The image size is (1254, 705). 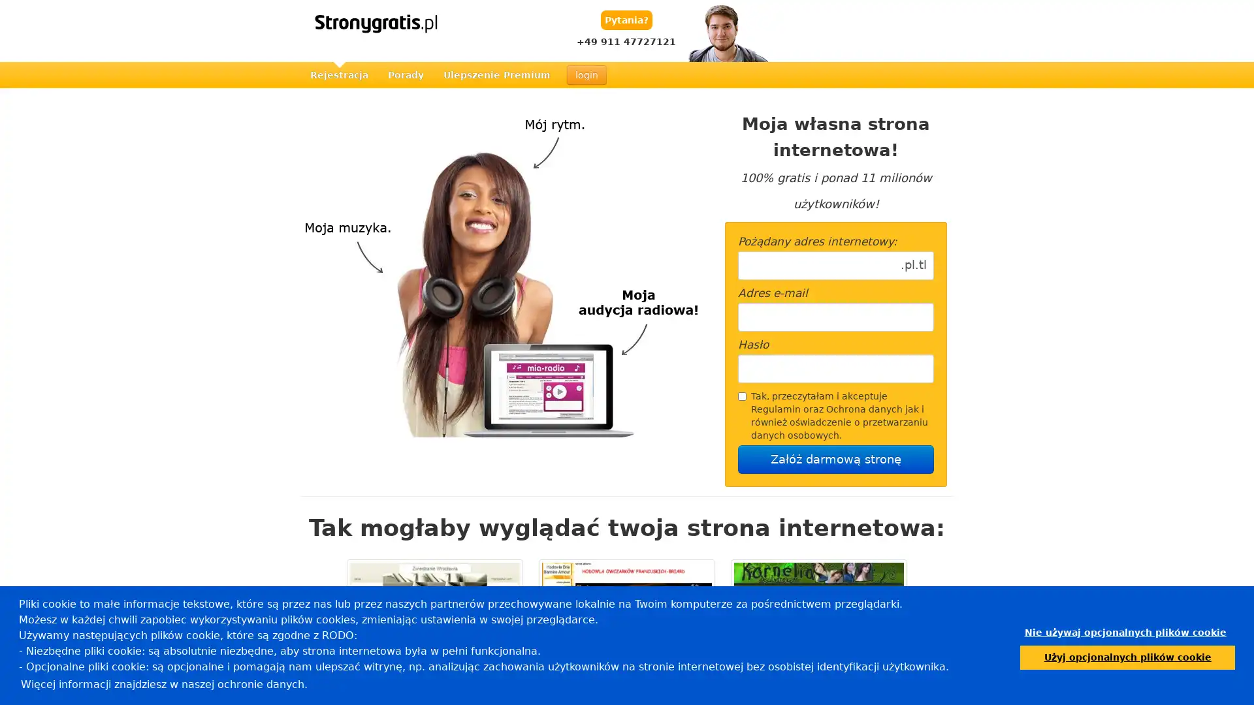 I want to click on allow cookies, so click(x=1127, y=657).